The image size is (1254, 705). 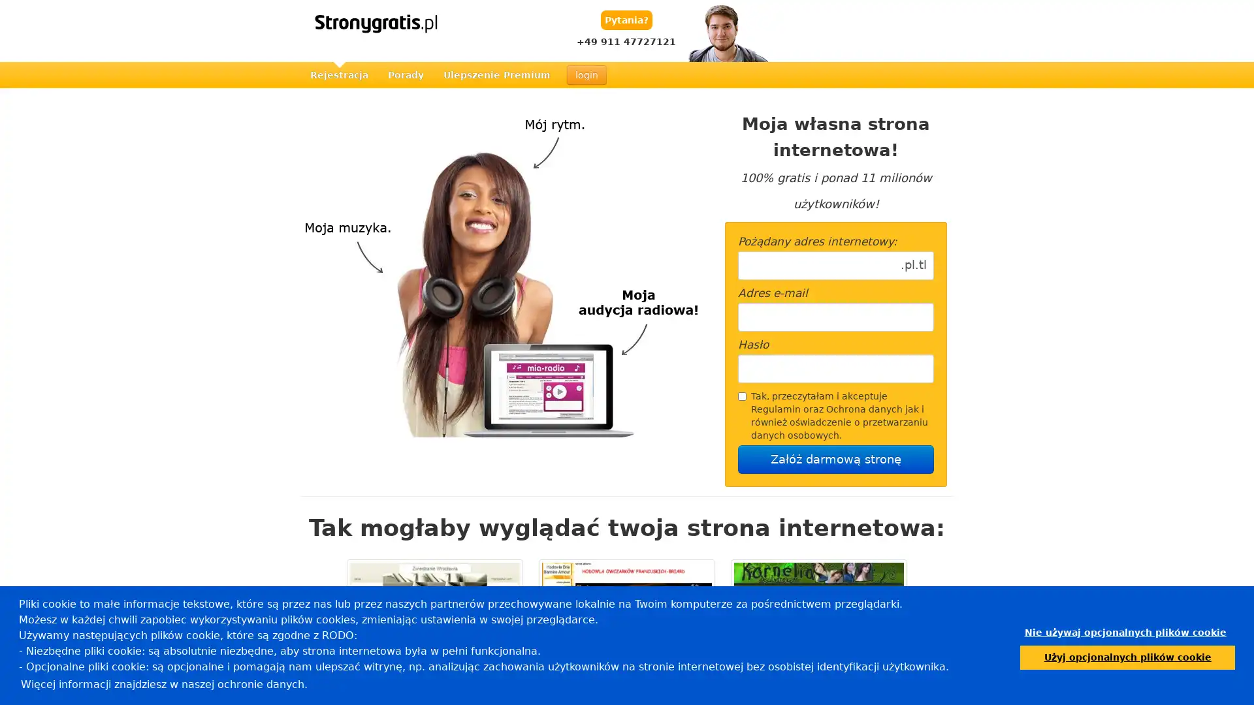 I want to click on allow cookies, so click(x=1127, y=657).